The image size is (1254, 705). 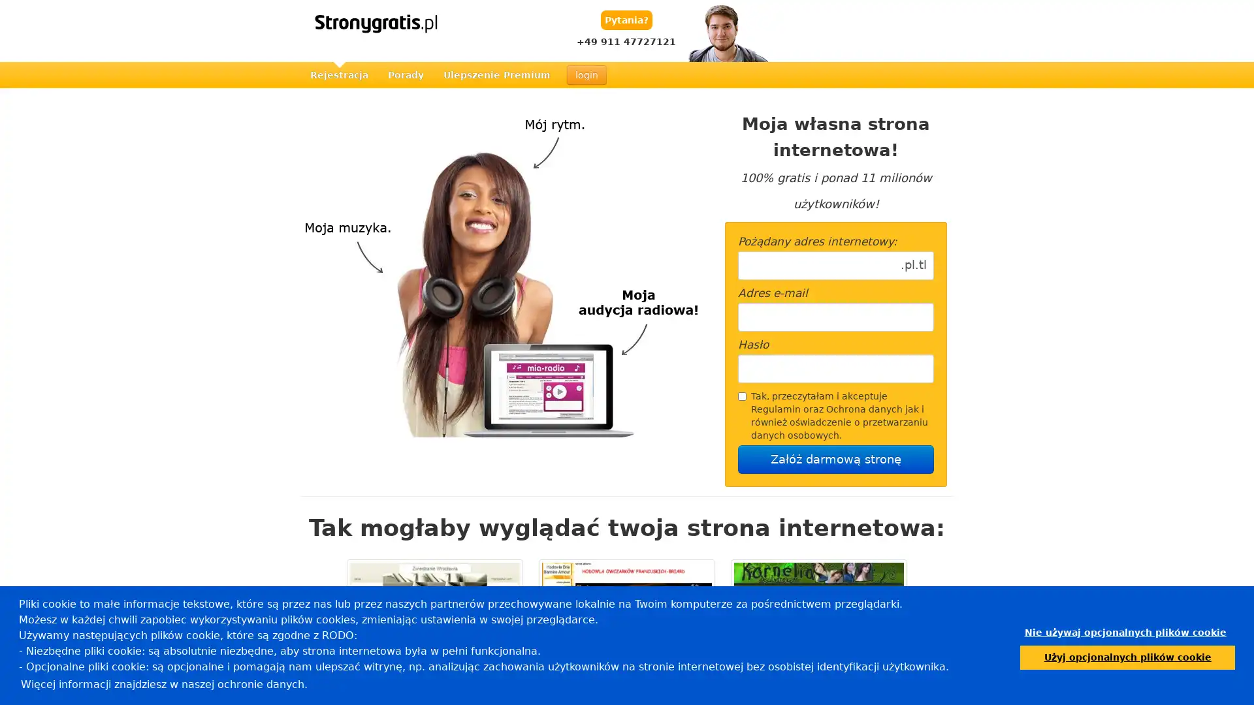 I want to click on allow cookies, so click(x=1127, y=657).